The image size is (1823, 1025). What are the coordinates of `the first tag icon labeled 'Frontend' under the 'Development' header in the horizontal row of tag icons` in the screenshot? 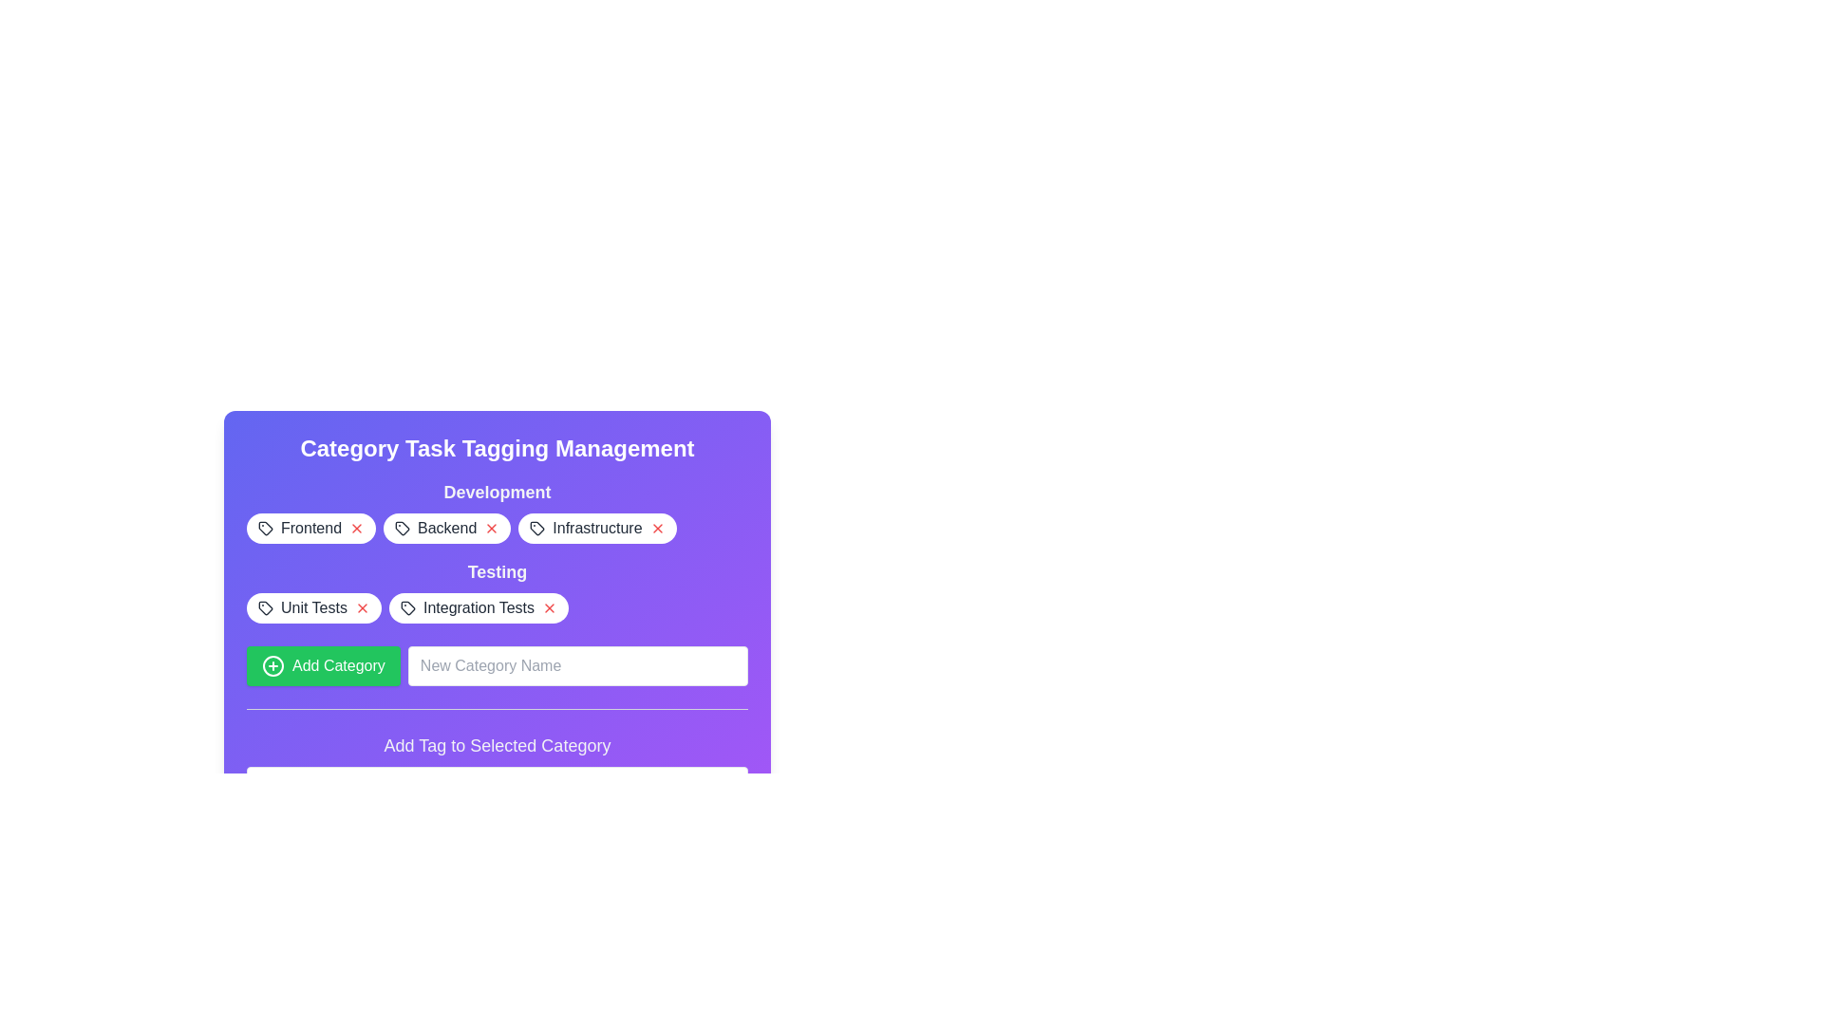 It's located at (264, 528).